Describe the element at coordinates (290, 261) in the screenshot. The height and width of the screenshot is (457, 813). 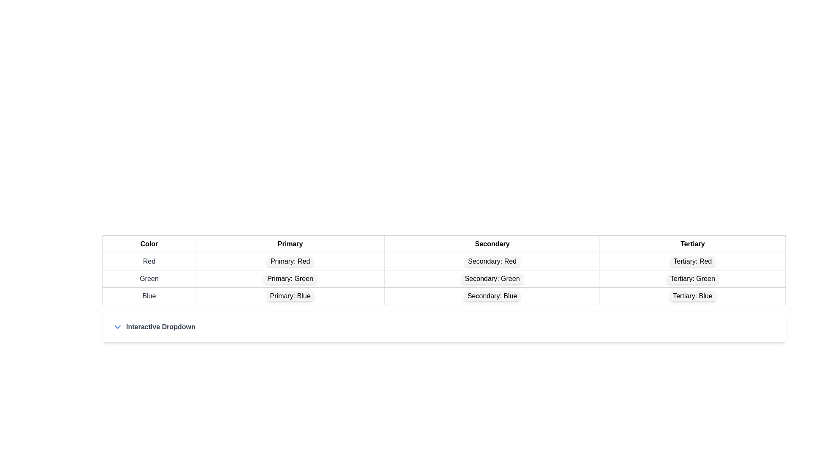
I see `the Text Label displaying 'Primary: Red' with a light gray background and bold black font, located in the 'Primary' column of the table` at that location.